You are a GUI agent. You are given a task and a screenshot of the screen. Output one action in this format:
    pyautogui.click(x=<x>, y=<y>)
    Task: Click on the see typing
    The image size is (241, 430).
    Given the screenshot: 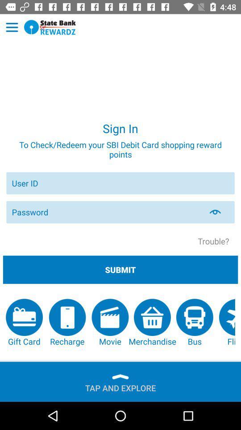 What is the action you would take?
    pyautogui.click(x=220, y=212)
    